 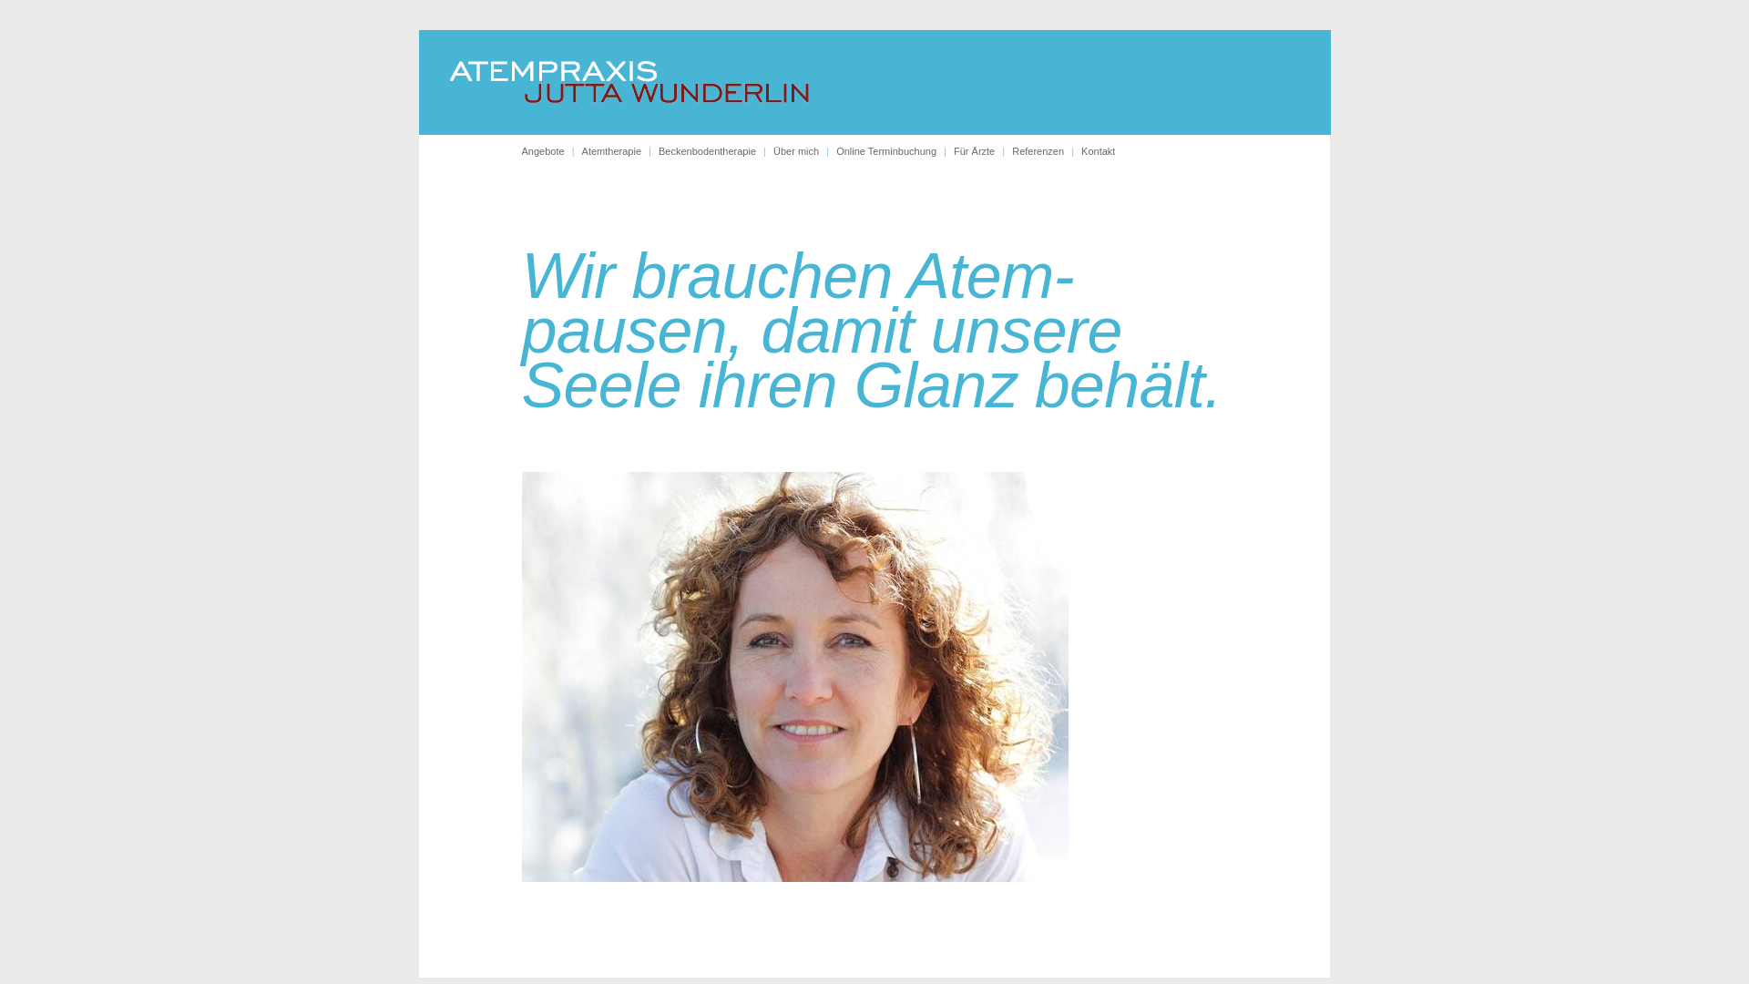 What do you see at coordinates (715, 149) in the screenshot?
I see `'Beckenbodentherapie | '` at bounding box center [715, 149].